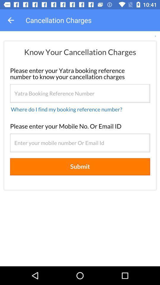 This screenshot has width=160, height=285. Describe the element at coordinates (11, 20) in the screenshot. I see `go back` at that location.